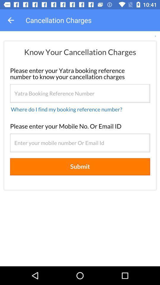 This screenshot has width=160, height=285. Describe the element at coordinates (11, 20) in the screenshot. I see `go back` at that location.